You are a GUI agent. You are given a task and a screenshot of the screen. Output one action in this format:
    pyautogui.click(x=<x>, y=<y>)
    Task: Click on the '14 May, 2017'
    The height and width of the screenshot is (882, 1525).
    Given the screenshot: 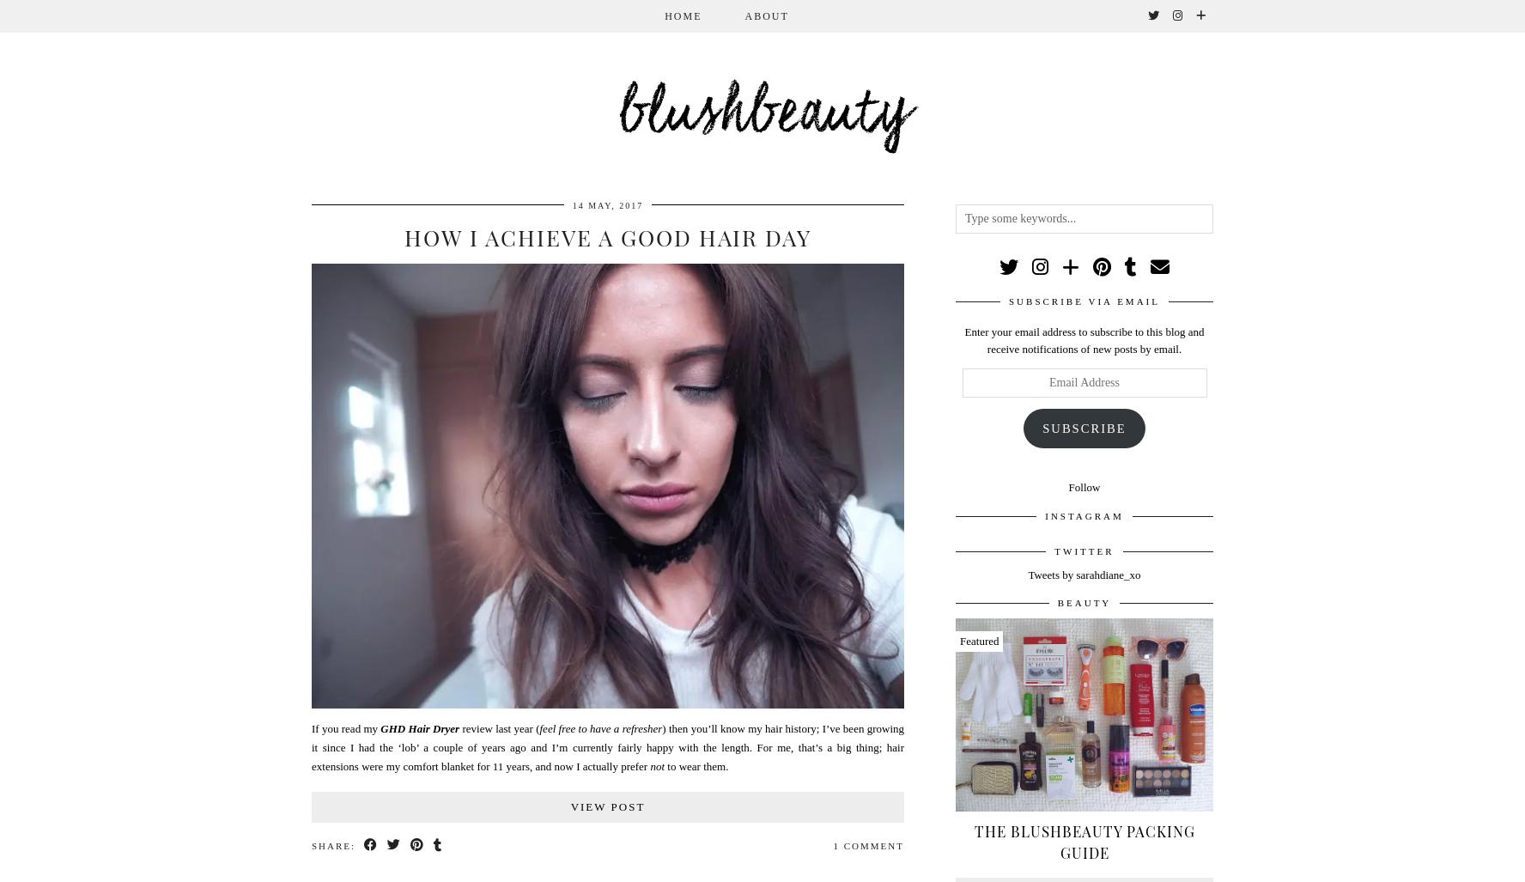 What is the action you would take?
    pyautogui.click(x=571, y=205)
    